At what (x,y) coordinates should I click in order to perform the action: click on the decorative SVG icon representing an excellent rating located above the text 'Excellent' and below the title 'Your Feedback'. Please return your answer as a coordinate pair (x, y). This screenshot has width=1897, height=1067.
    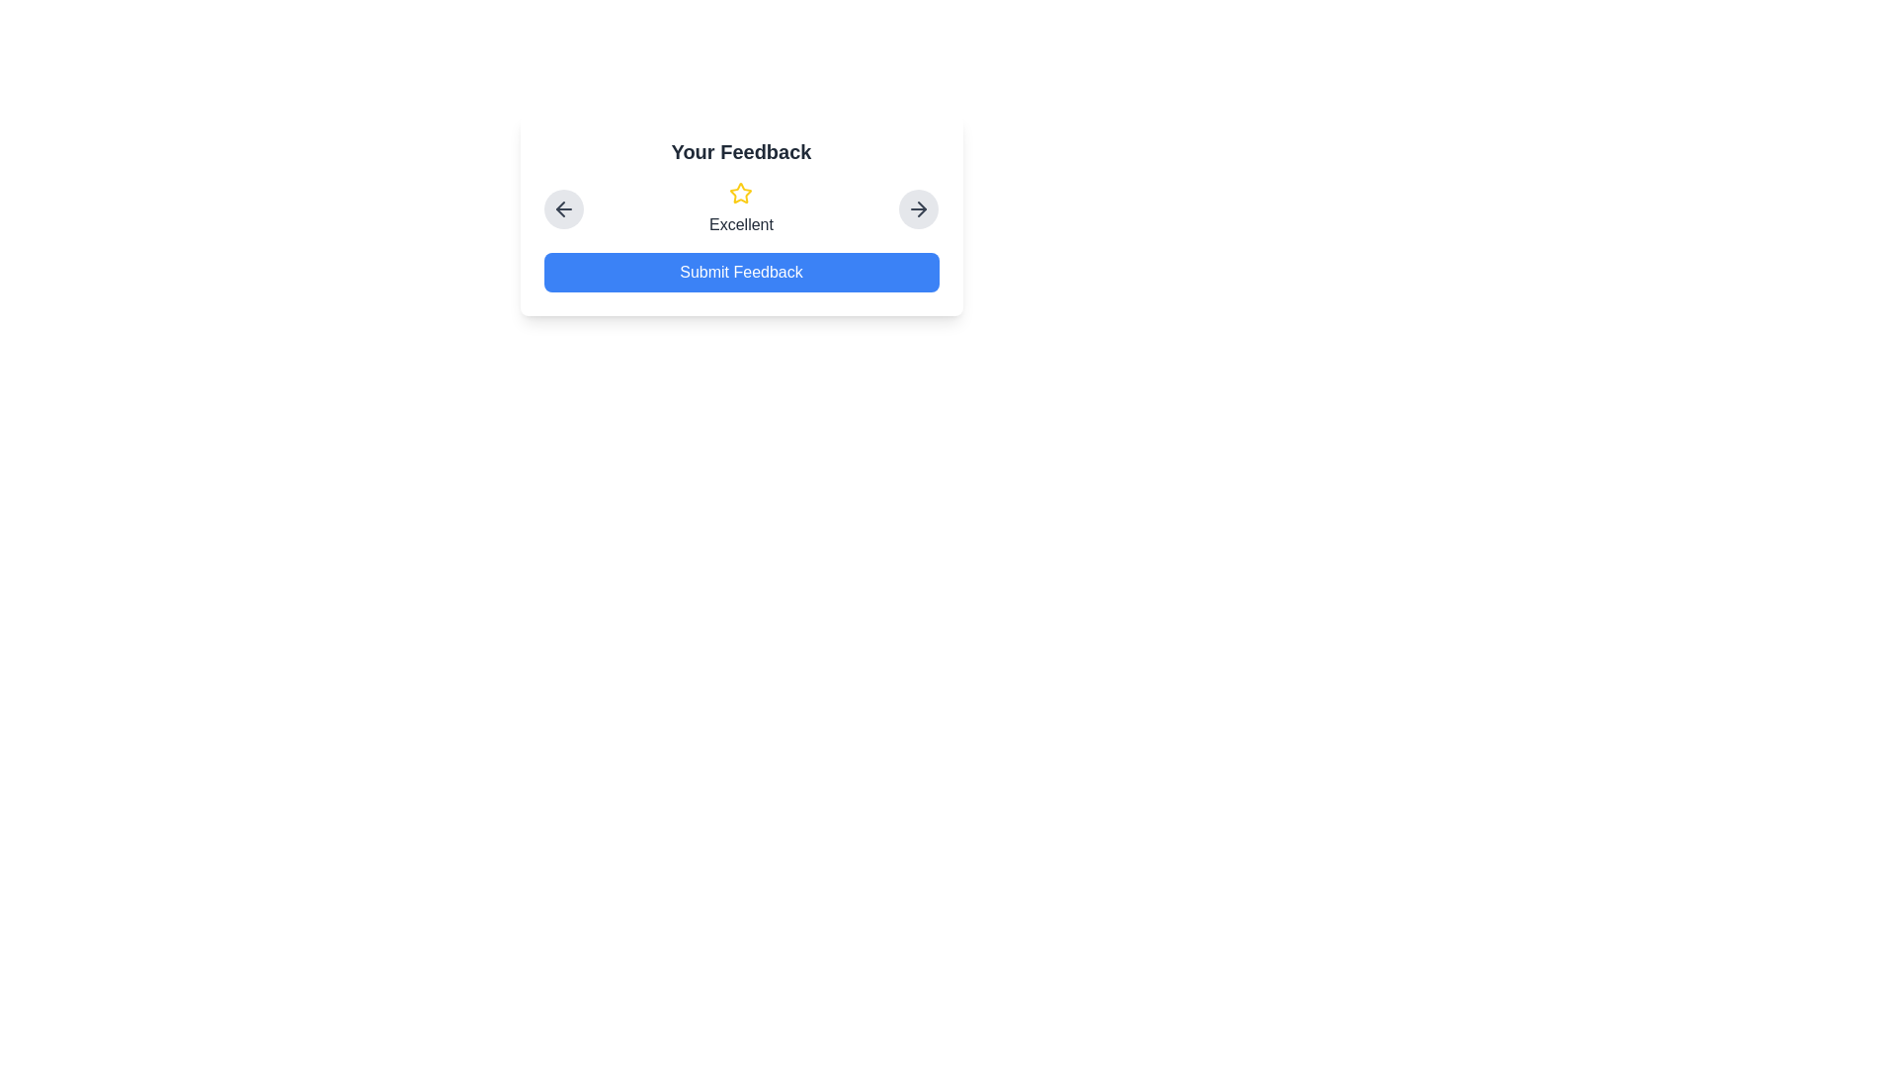
    Looking at the image, I should click on (740, 193).